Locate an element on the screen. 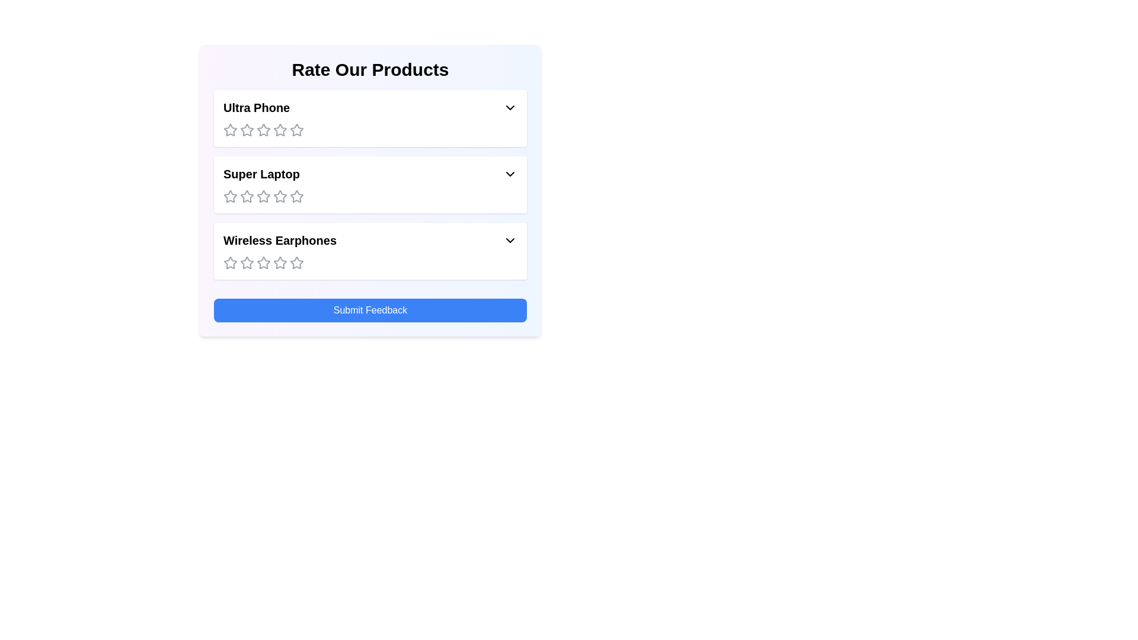 The image size is (1138, 640). the rating for the product 'Ultra Phone' to 5 stars is located at coordinates (296, 130).